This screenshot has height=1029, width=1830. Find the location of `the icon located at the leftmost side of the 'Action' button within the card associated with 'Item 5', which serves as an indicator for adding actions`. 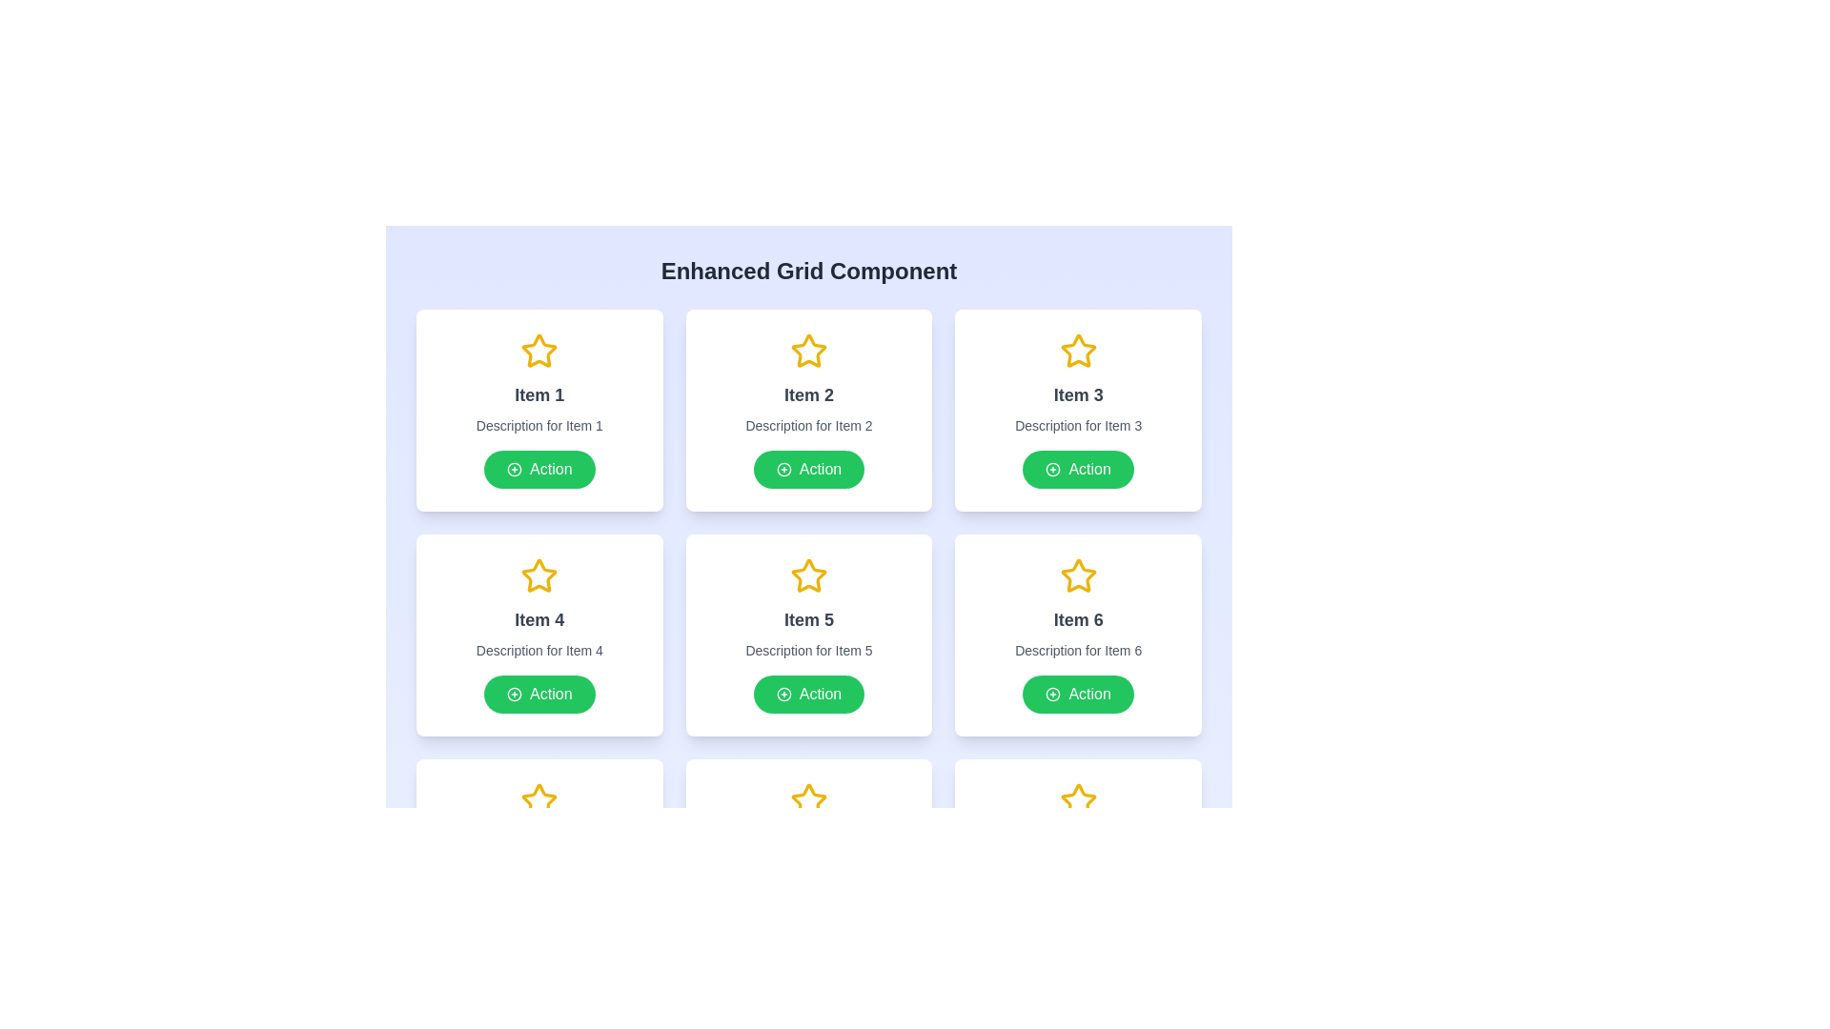

the icon located at the leftmost side of the 'Action' button within the card associated with 'Item 5', which serves as an indicator for adding actions is located at coordinates (783, 695).